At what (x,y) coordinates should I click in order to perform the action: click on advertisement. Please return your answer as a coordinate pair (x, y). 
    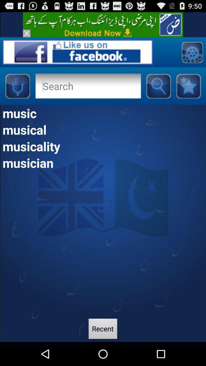
    Looking at the image, I should click on (26, 33).